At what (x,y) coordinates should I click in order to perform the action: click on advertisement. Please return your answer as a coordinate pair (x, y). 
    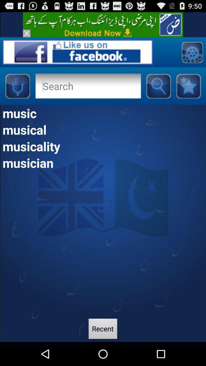
    Looking at the image, I should click on (26, 33).